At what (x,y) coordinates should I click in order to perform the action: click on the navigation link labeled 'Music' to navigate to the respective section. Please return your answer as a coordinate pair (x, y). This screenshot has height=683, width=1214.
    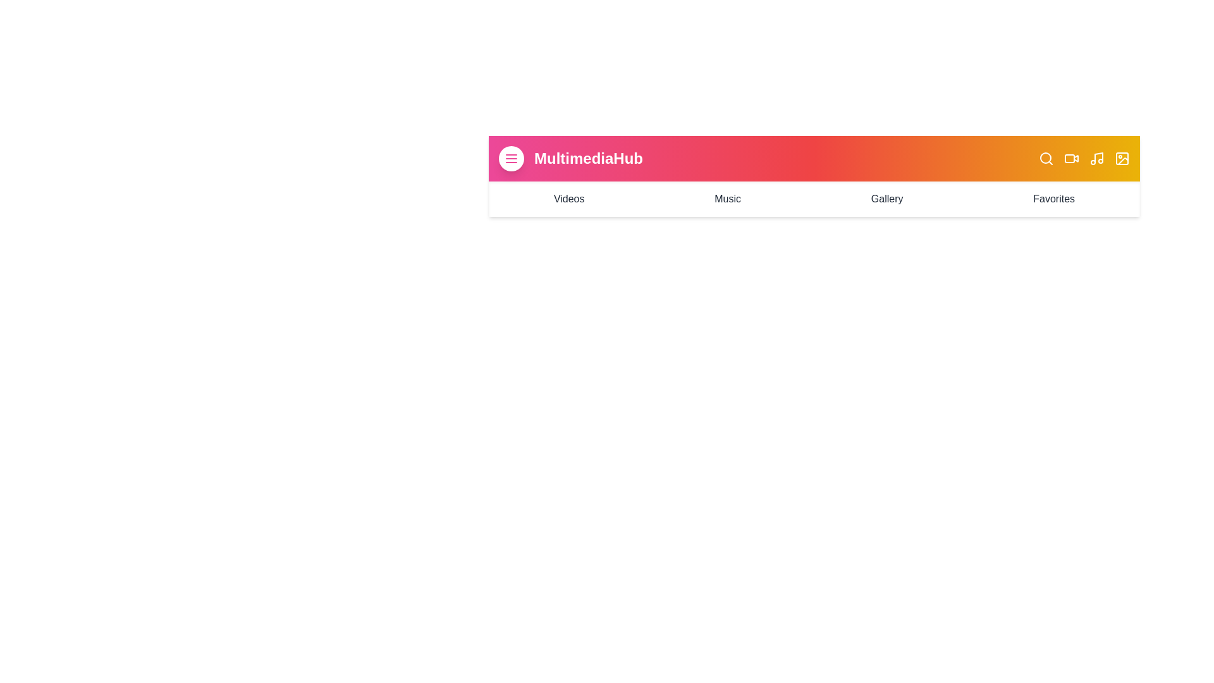
    Looking at the image, I should click on (728, 199).